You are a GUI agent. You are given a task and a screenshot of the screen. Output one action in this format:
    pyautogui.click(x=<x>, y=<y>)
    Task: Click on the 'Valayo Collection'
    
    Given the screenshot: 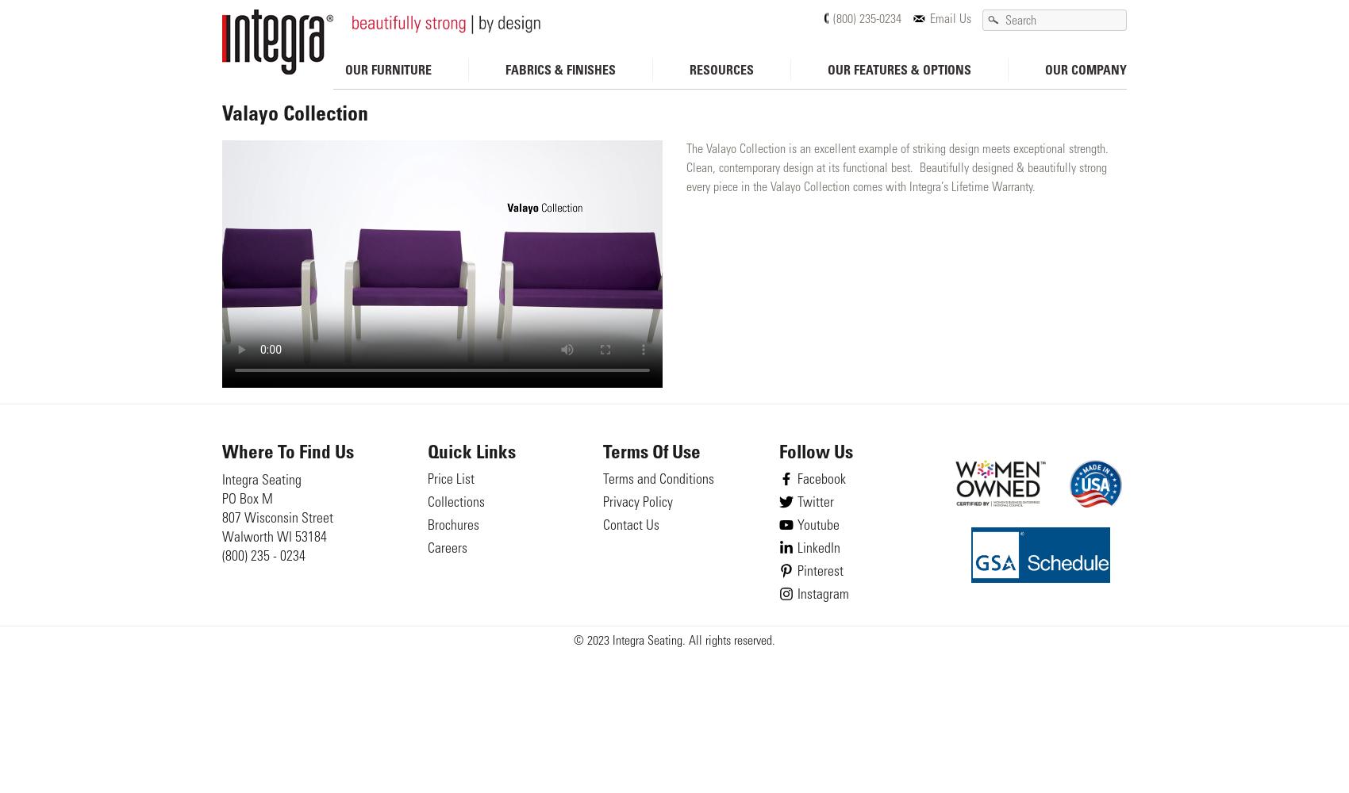 What is the action you would take?
    pyautogui.click(x=221, y=116)
    